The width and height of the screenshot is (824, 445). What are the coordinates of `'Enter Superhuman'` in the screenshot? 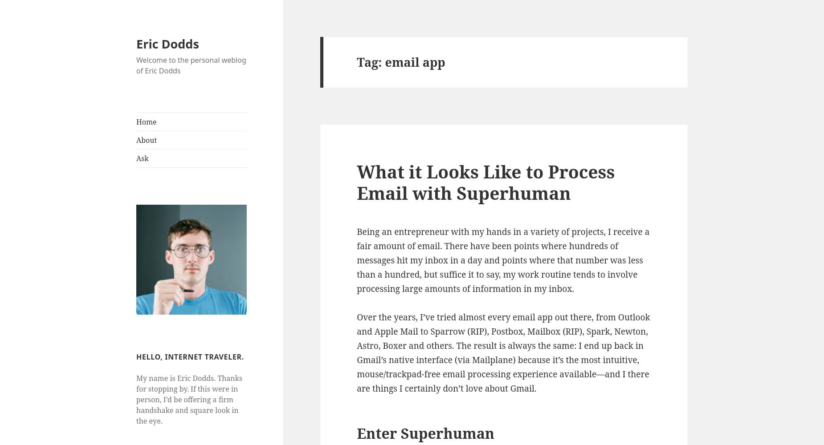 It's located at (425, 432).